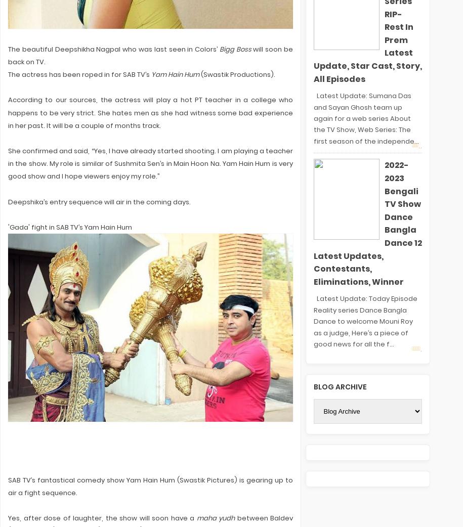 The image size is (463, 527). What do you see at coordinates (198, 74) in the screenshot?
I see `'(Swastik Productions).'` at bounding box center [198, 74].